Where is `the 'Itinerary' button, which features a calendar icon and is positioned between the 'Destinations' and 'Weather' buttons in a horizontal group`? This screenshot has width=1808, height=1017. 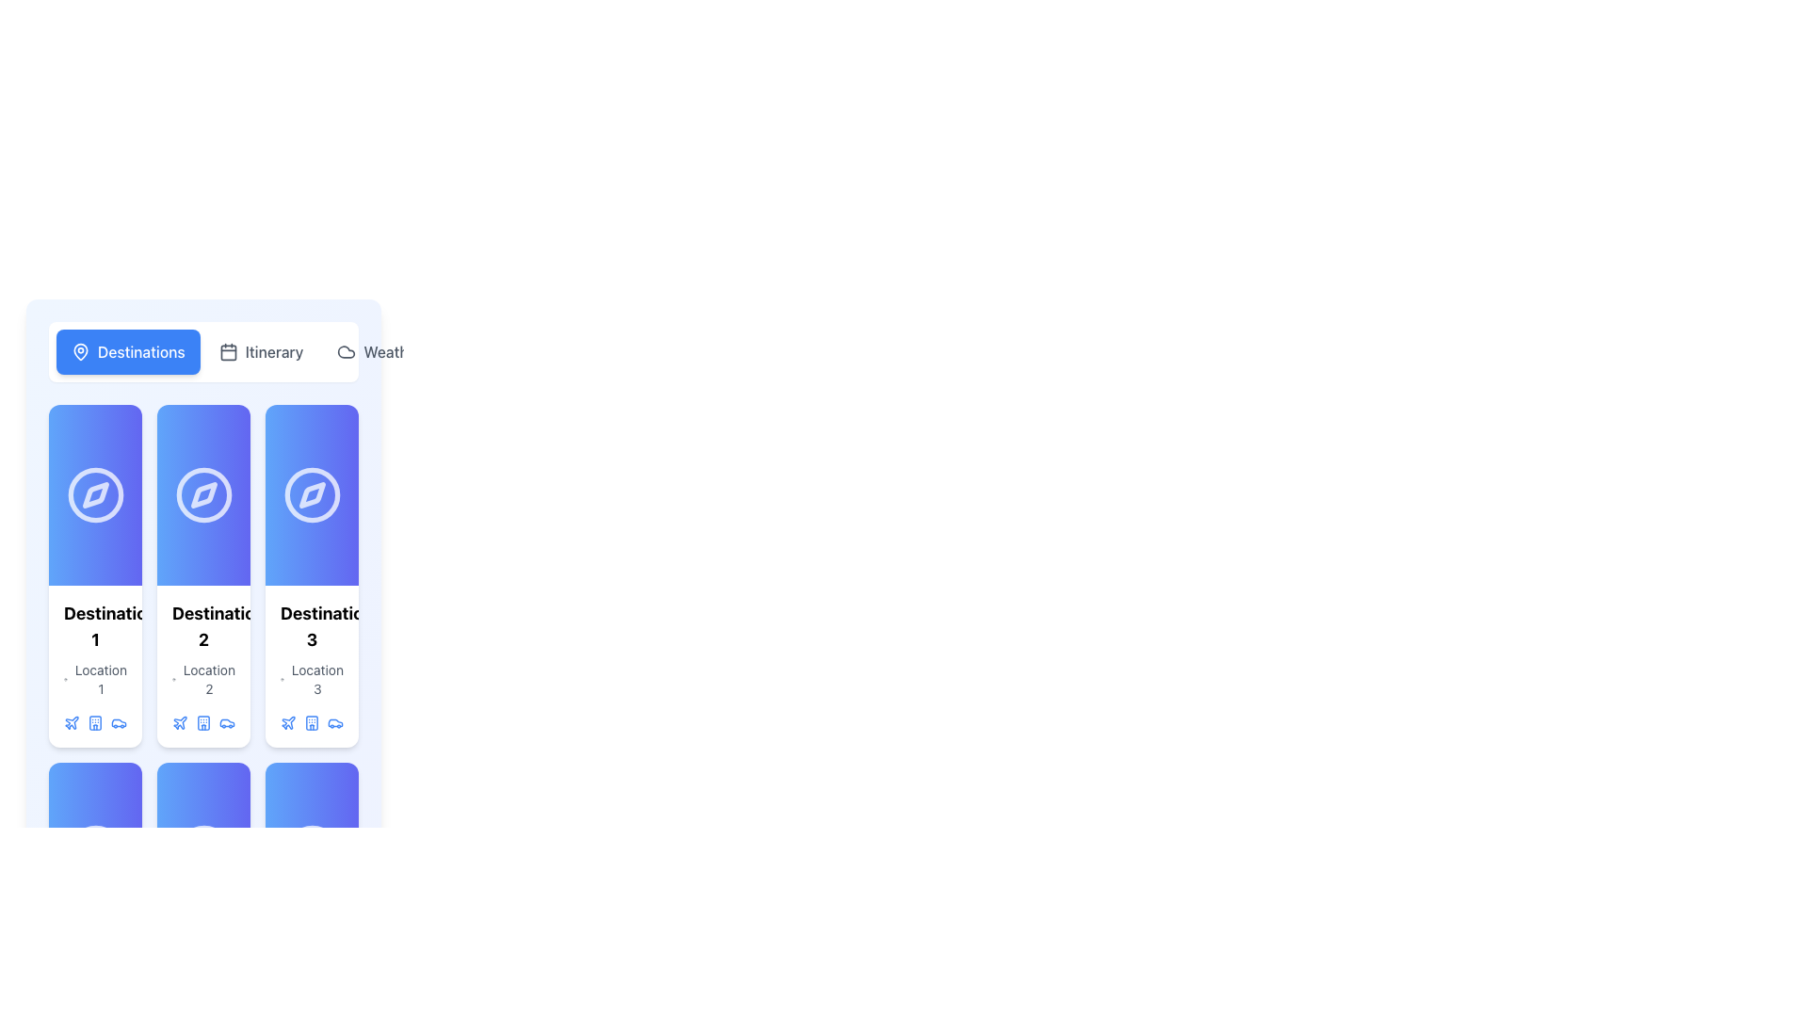
the 'Itinerary' button, which features a calendar icon and is positioned between the 'Destinations' and 'Weather' buttons in a horizontal group is located at coordinates (260, 352).